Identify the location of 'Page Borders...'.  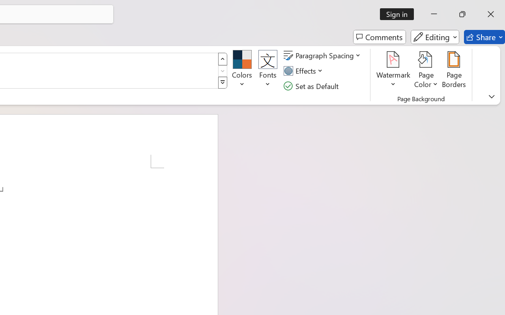
(454, 70).